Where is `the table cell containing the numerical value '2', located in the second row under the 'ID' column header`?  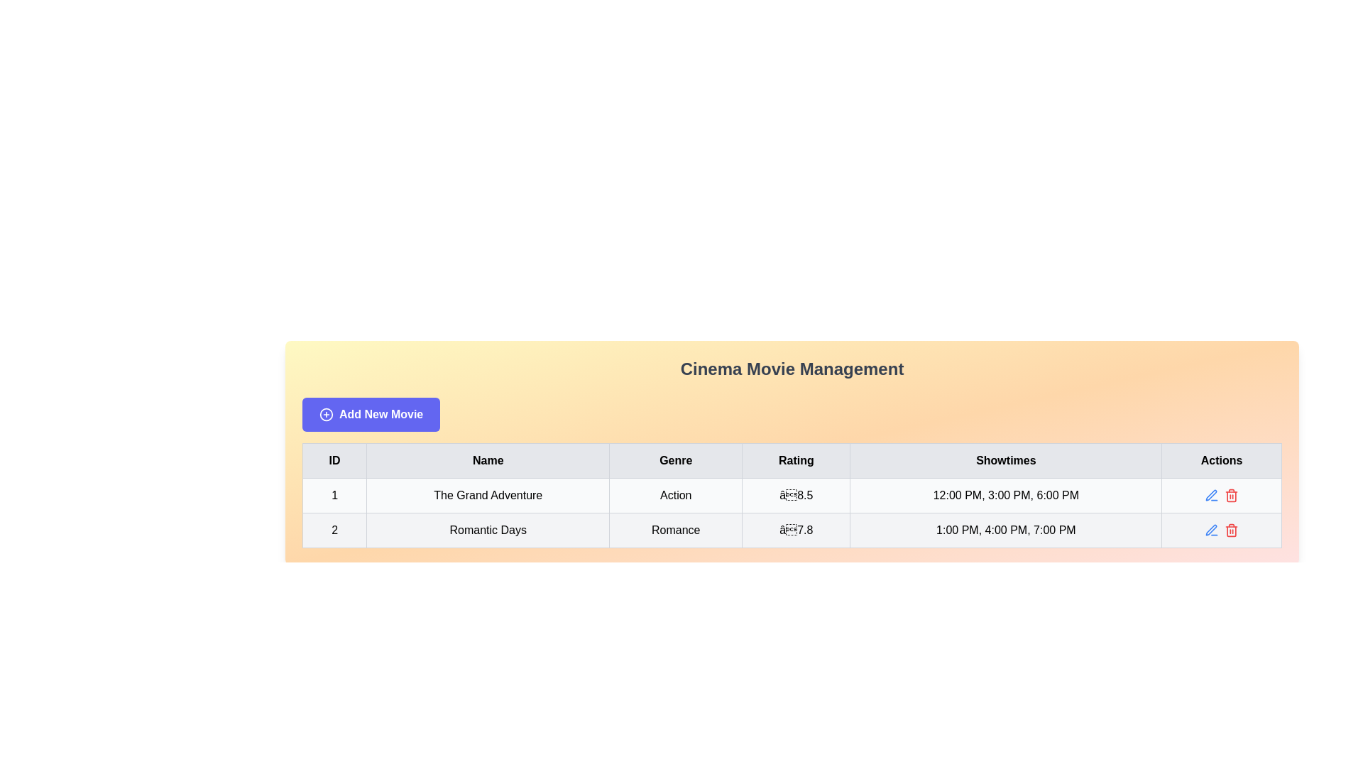 the table cell containing the numerical value '2', located in the second row under the 'ID' column header is located at coordinates (334, 531).